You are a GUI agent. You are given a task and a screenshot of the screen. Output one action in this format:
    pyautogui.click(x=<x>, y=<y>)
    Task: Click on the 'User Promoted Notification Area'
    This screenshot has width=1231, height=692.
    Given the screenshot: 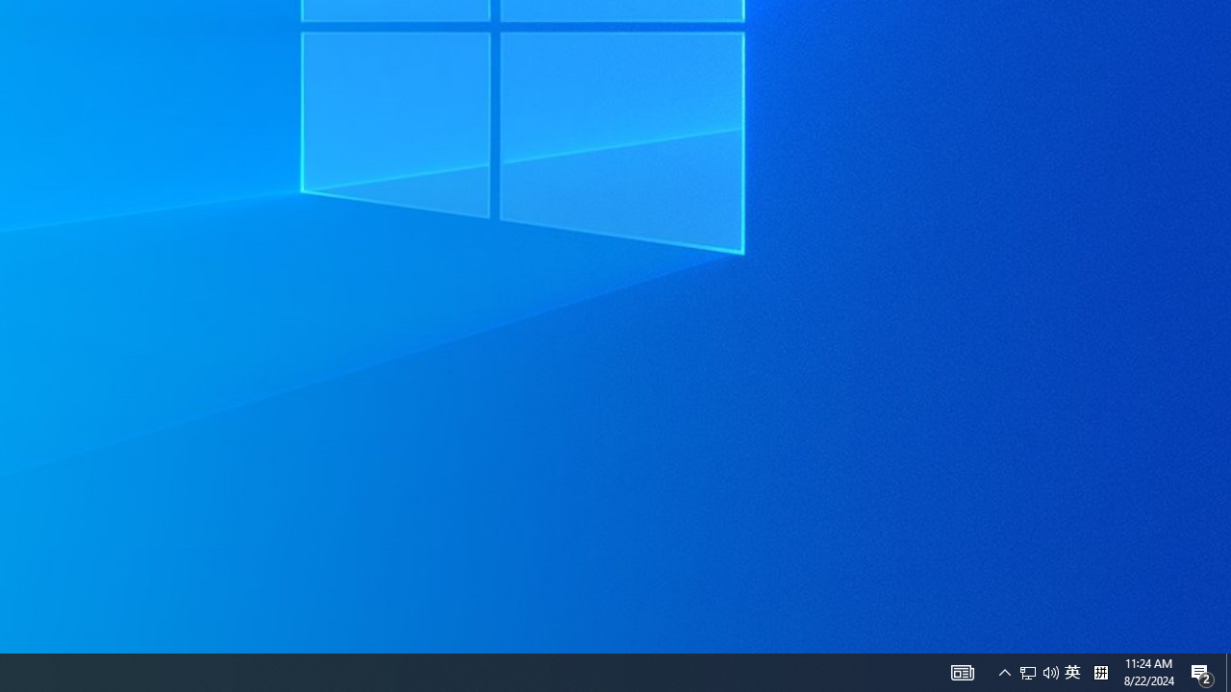 What is the action you would take?
    pyautogui.click(x=1038, y=671)
    